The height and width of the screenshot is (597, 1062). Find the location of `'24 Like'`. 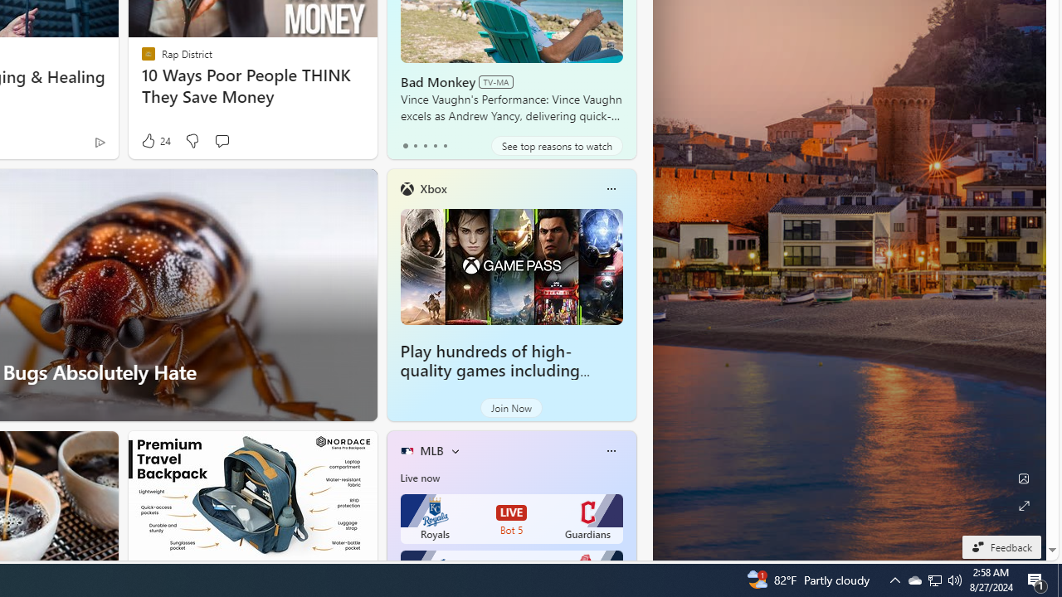

'24 Like' is located at coordinates (154, 140).